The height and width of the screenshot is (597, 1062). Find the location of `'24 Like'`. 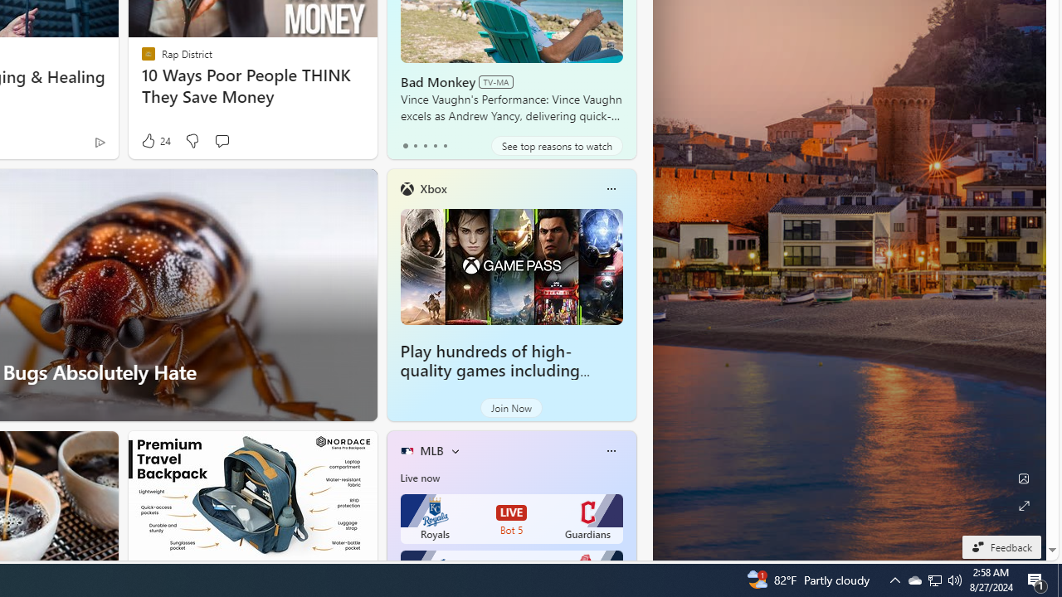

'24 Like' is located at coordinates (154, 140).